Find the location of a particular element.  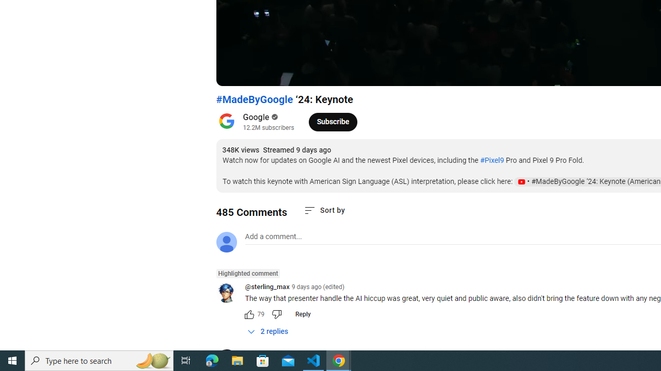

'2 replies' is located at coordinates (268, 331).